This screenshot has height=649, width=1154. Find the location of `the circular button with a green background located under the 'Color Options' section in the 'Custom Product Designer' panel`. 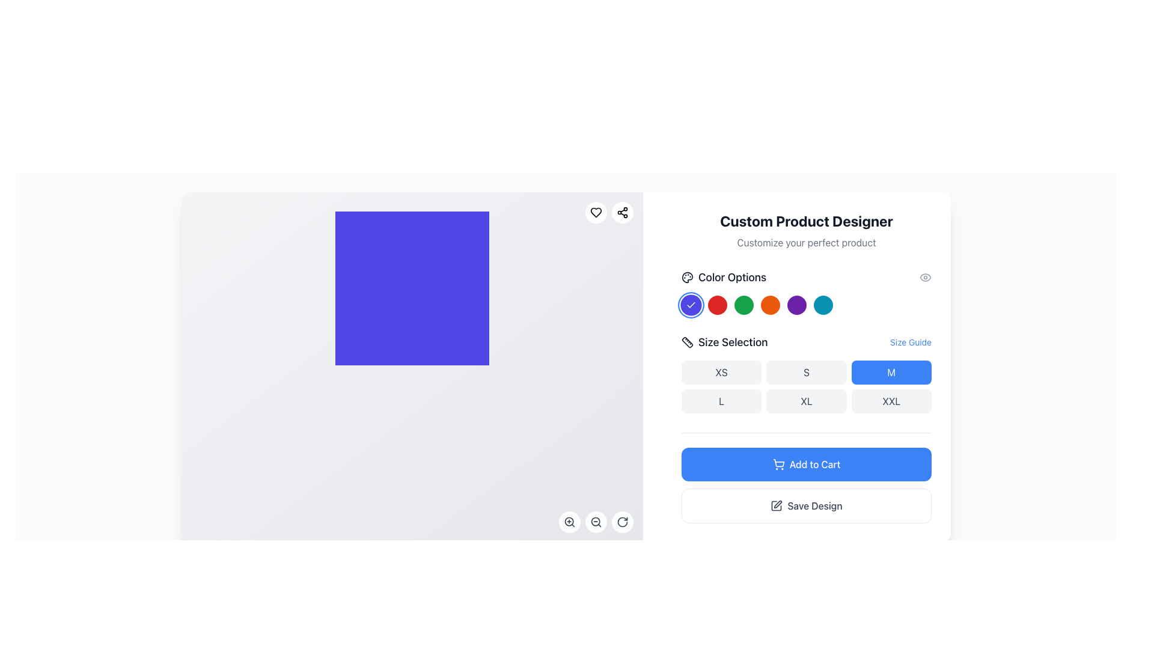

the circular button with a green background located under the 'Color Options' section in the 'Custom Product Designer' panel is located at coordinates (743, 305).